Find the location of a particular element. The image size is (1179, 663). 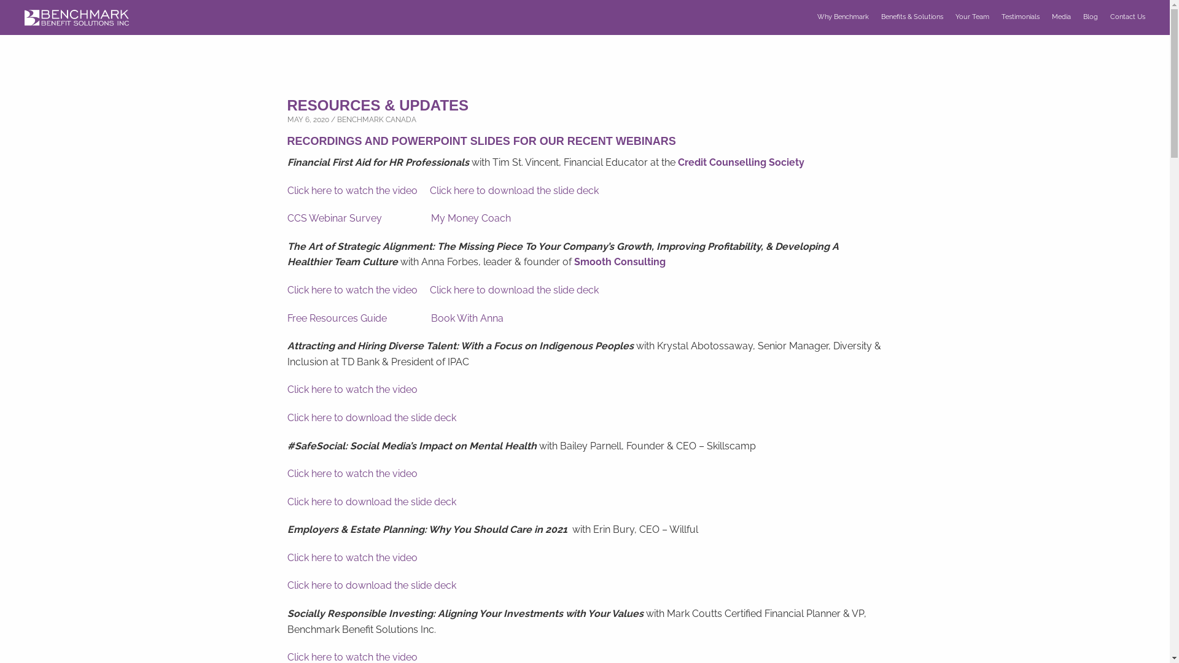

'Blog' is located at coordinates (1091, 17).